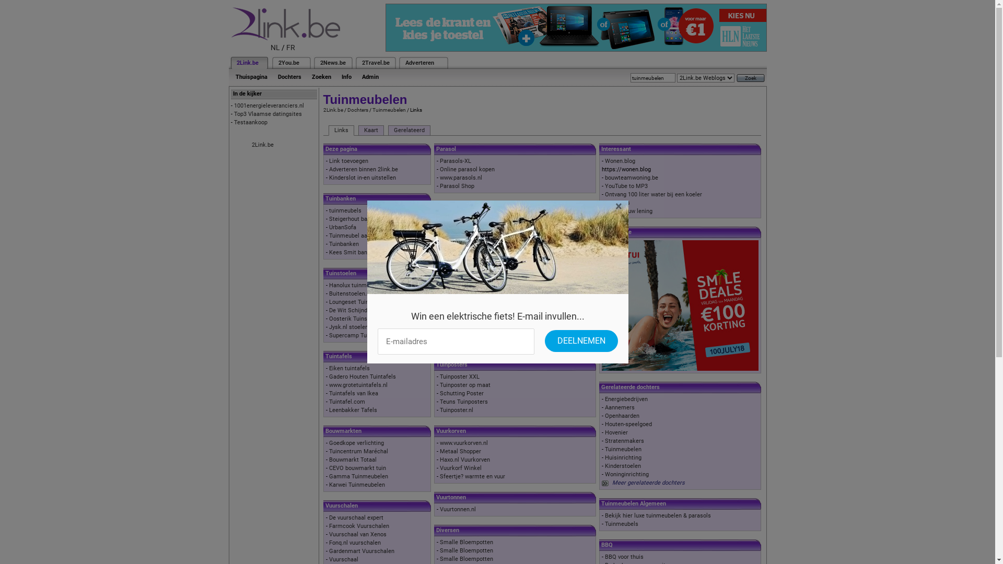  Describe the element at coordinates (408, 130) in the screenshot. I see `'Gerelateerd'` at that location.